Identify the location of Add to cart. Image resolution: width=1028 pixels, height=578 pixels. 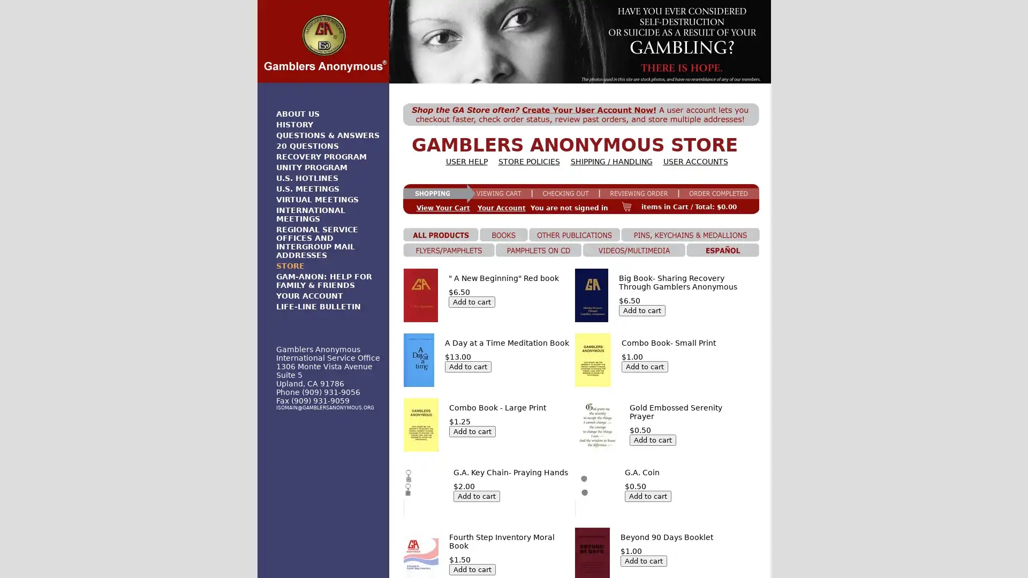
(642, 310).